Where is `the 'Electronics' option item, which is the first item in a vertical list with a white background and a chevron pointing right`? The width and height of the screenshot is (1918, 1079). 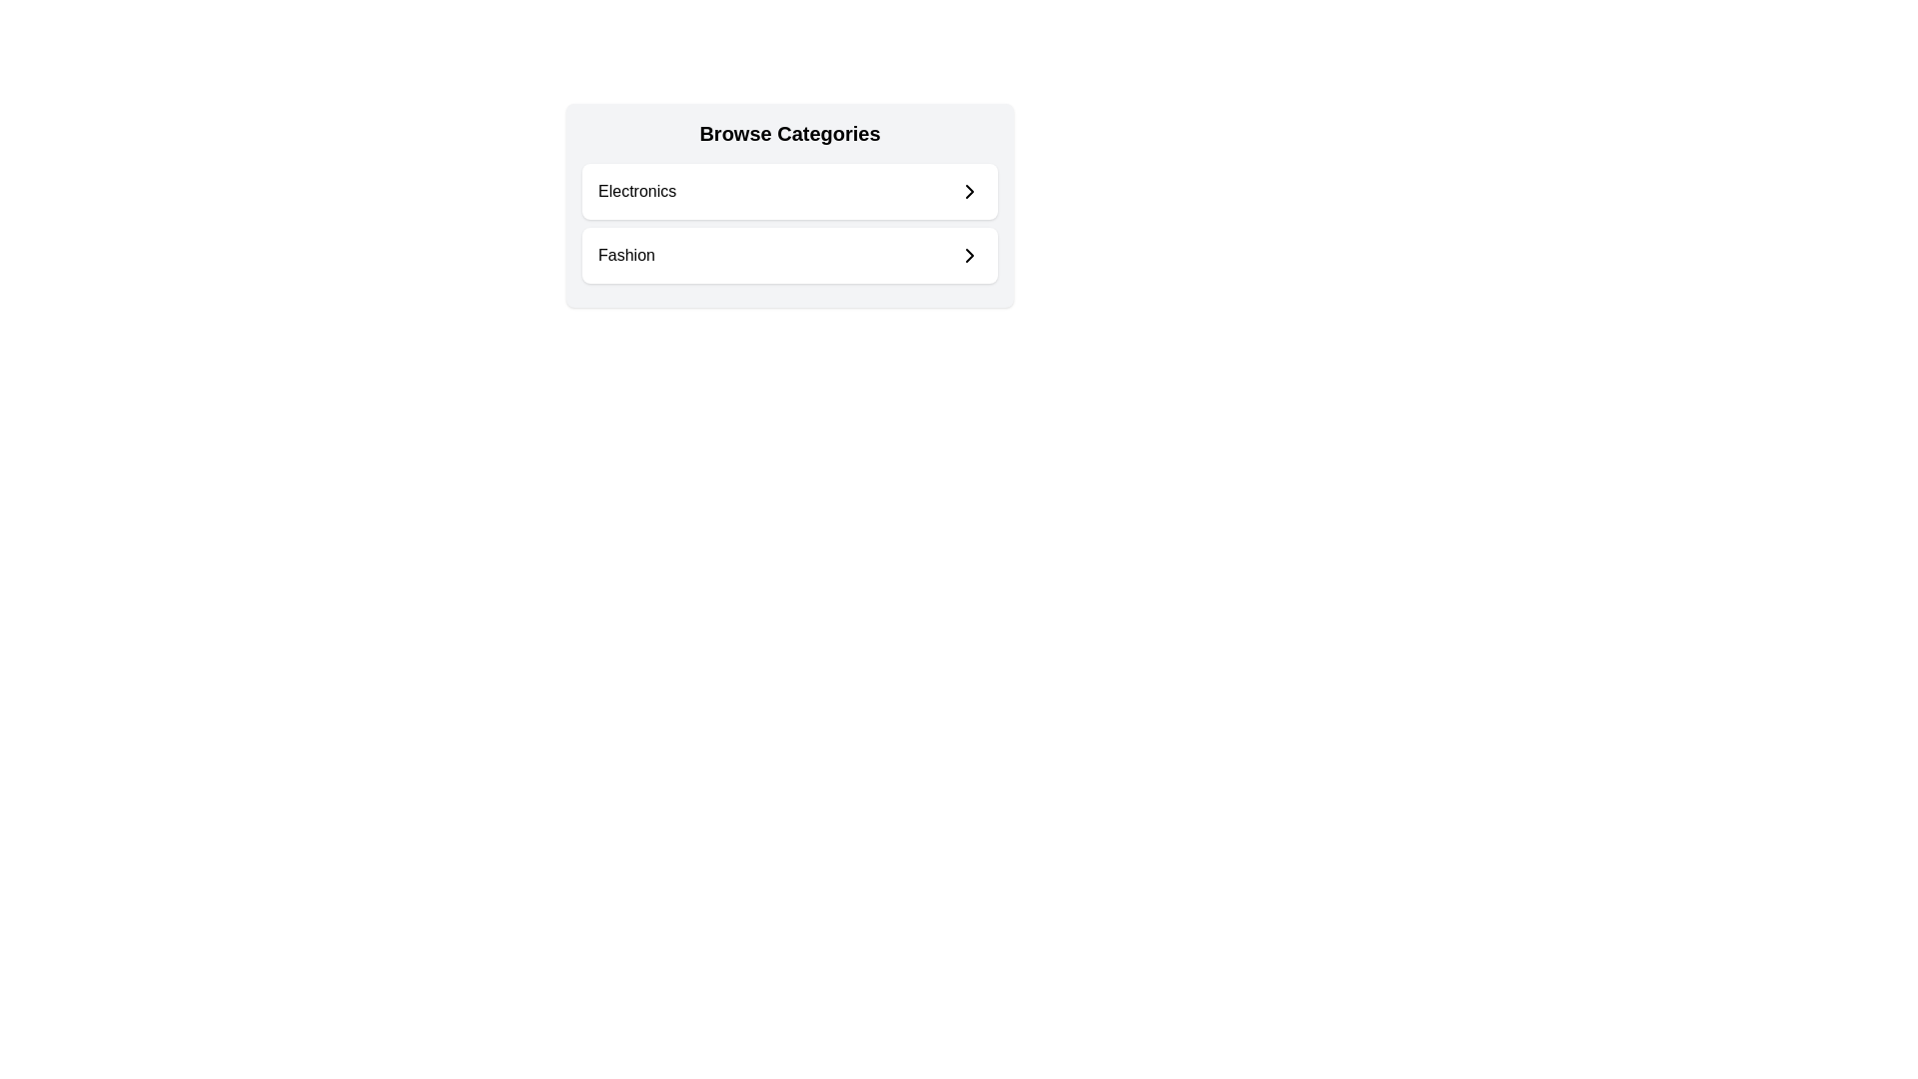 the 'Electronics' option item, which is the first item in a vertical list with a white background and a chevron pointing right is located at coordinates (789, 192).